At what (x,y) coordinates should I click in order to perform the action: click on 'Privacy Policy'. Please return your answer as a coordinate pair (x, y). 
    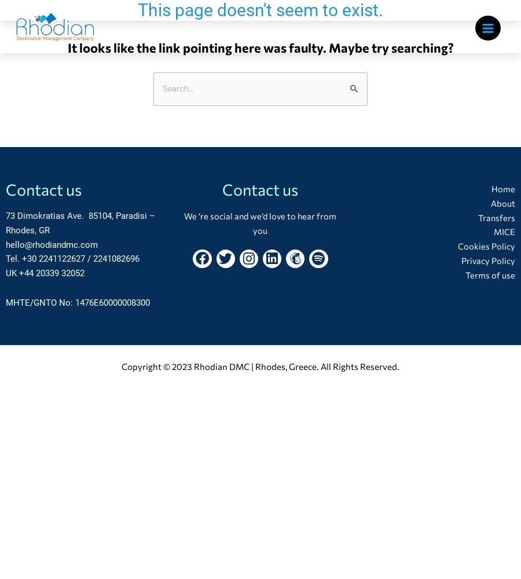
    Looking at the image, I should click on (460, 259).